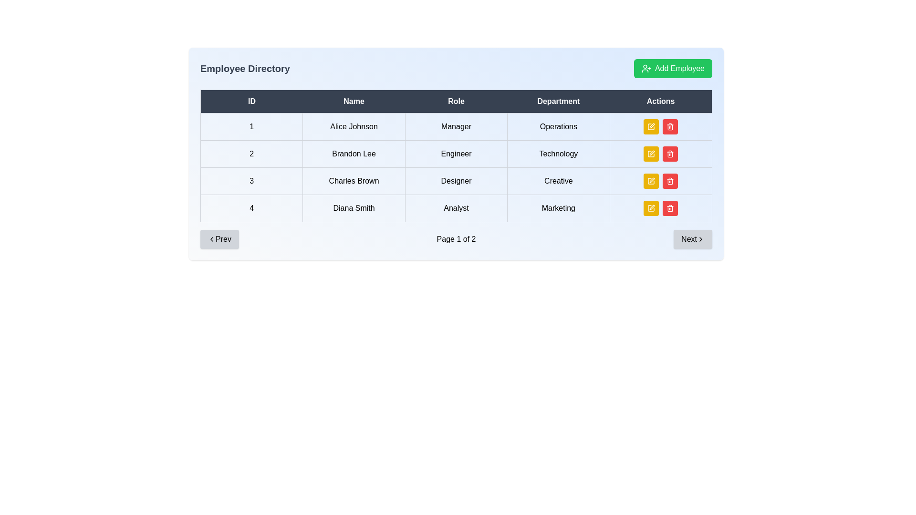  Describe the element at coordinates (651, 154) in the screenshot. I see `the square button with a yellow background and a white pencil icon located in the 'Actions' column for the entry of 'Brandon Lee'` at that location.